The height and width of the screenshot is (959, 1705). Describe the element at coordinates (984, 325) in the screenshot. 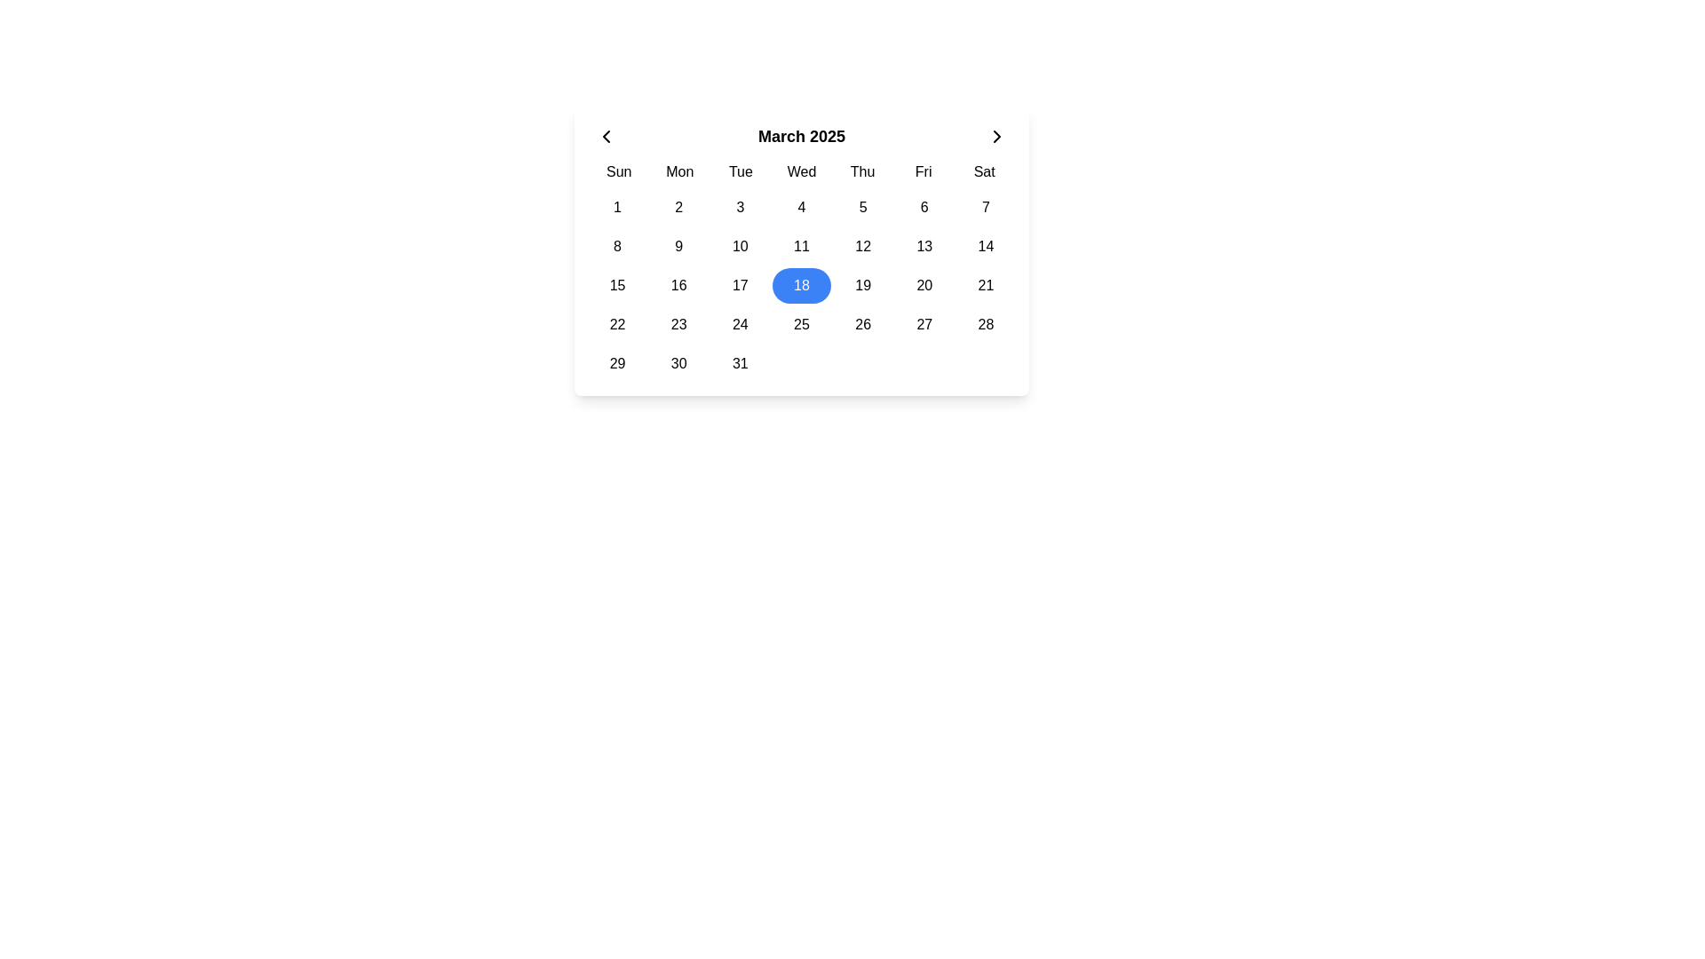

I see `on the selectable date button for March 28, 2025, located in the seventh column of the calendar interface` at that location.